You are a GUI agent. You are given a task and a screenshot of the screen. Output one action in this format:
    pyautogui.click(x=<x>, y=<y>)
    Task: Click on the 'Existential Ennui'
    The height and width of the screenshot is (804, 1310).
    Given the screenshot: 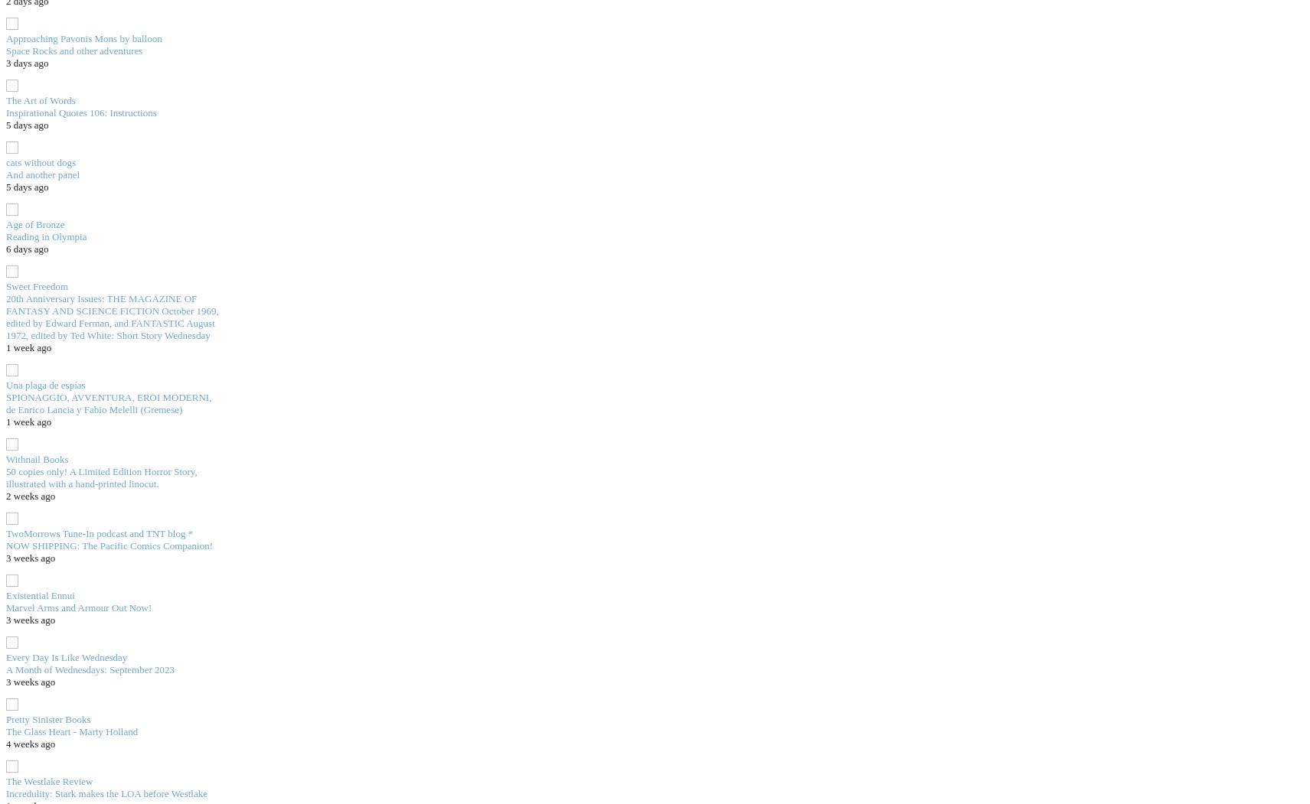 What is the action you would take?
    pyautogui.click(x=39, y=594)
    